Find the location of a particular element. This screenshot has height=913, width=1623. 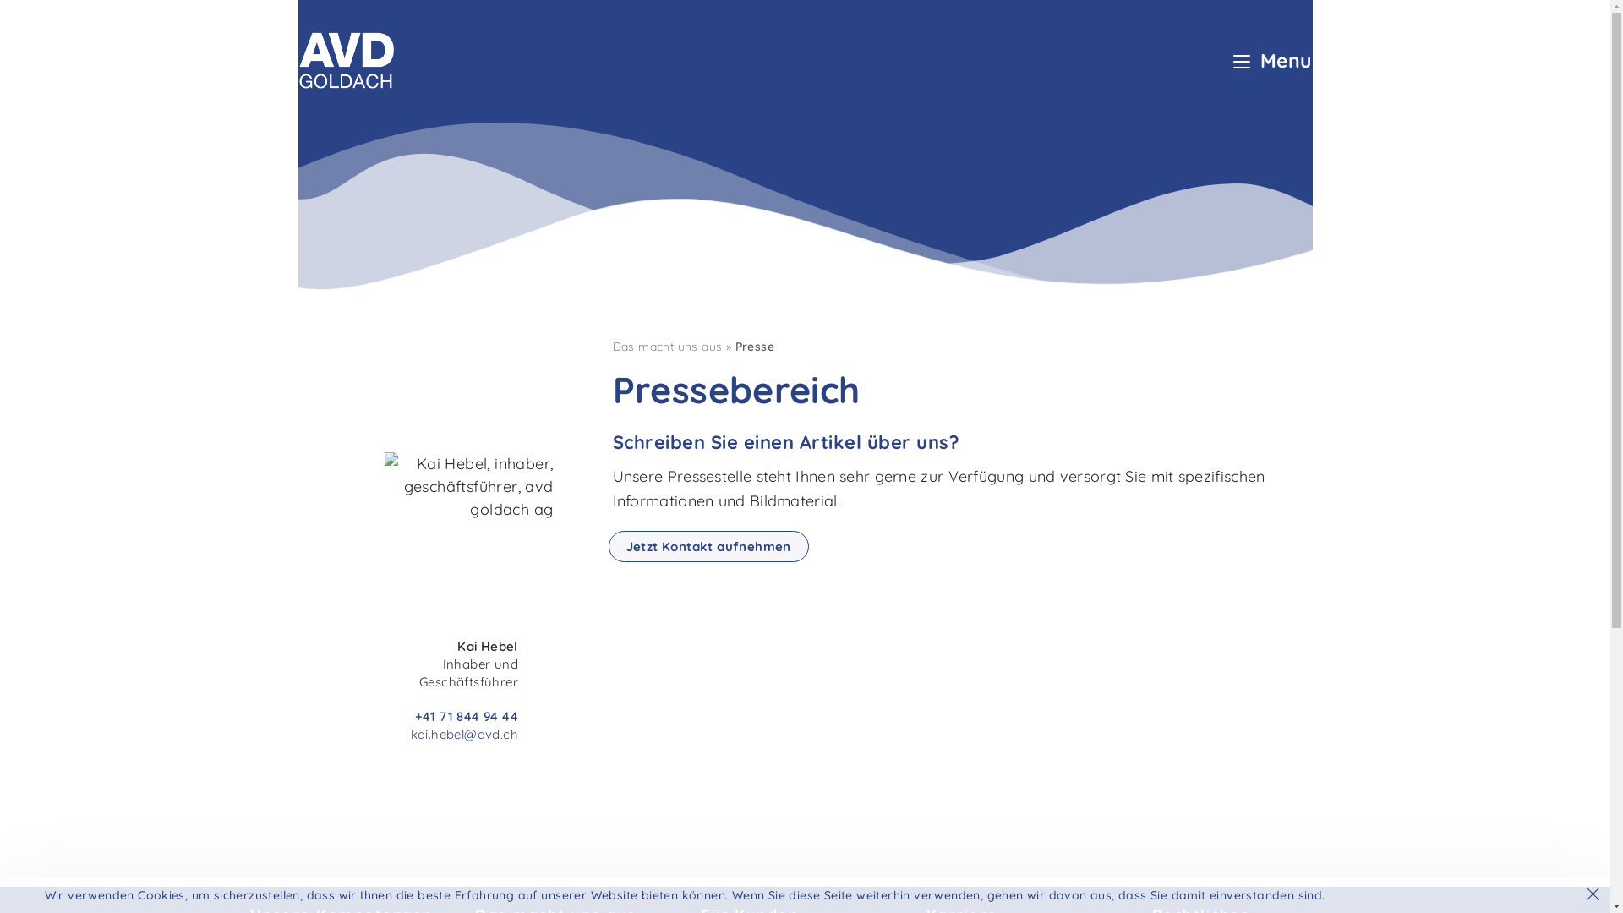

'+41 71 844 94 44' is located at coordinates (466, 716).